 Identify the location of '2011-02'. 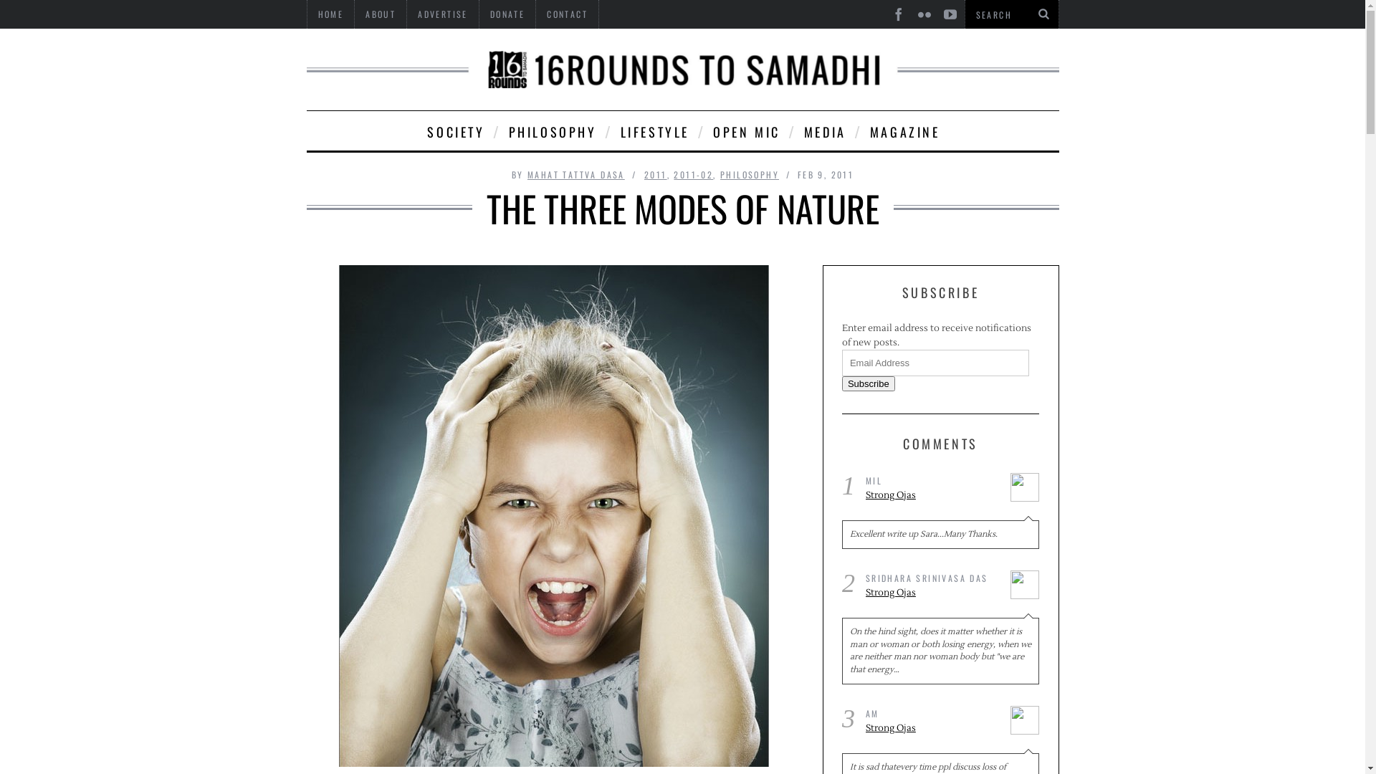
(693, 173).